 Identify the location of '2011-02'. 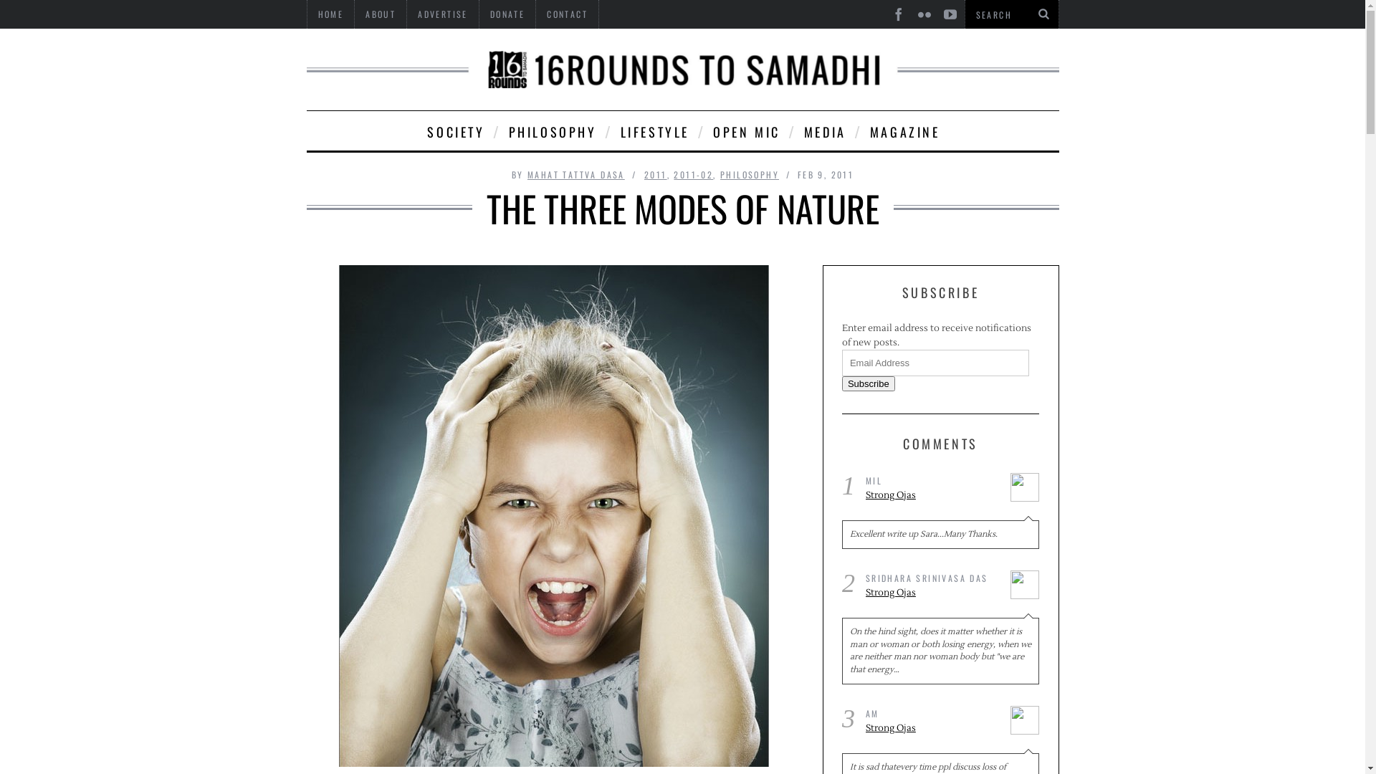
(693, 173).